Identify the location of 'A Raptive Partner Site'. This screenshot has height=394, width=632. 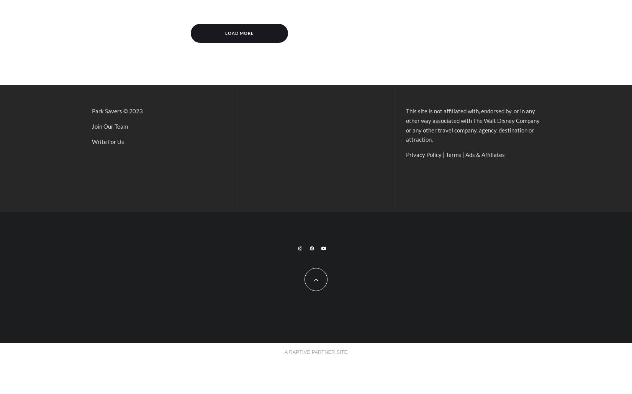
(315, 351).